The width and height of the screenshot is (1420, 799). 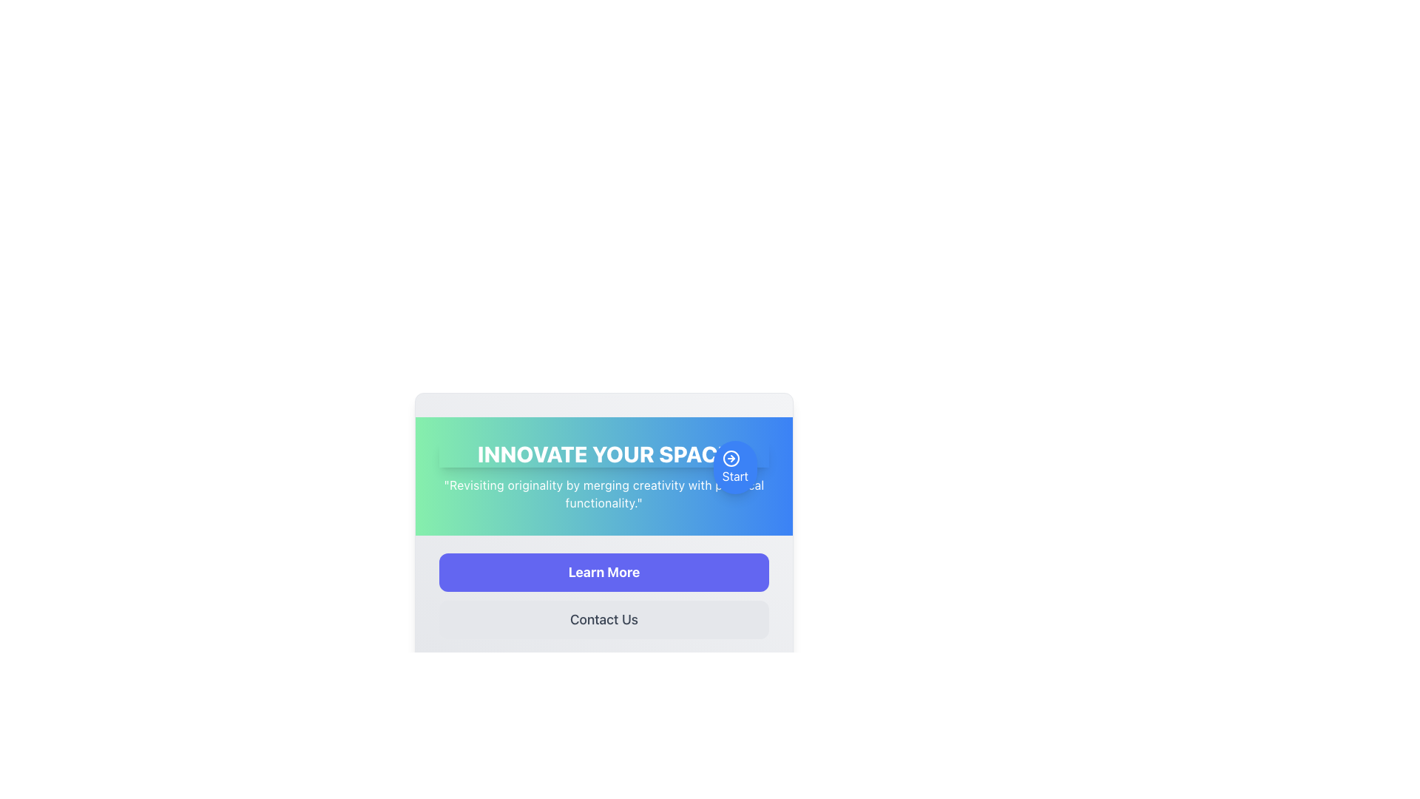 What do you see at coordinates (603, 453) in the screenshot?
I see `the text element displaying 'Innovate Your Space' in bold, uppercase white font with a shadow, positioned above the text 'Revisiting originality by merging creativity with practical functionality.'` at bounding box center [603, 453].